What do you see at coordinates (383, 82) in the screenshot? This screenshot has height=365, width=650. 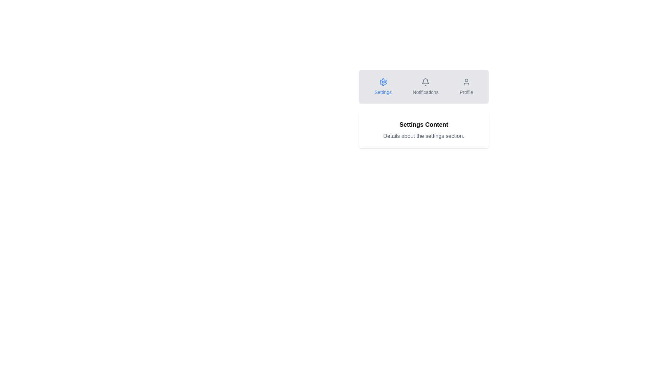 I see `the blue gear icon on the leftmost position of the horizontal navigation bar` at bounding box center [383, 82].